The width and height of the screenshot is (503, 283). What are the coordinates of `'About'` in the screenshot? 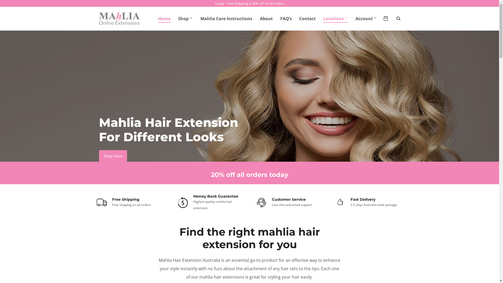 It's located at (266, 18).